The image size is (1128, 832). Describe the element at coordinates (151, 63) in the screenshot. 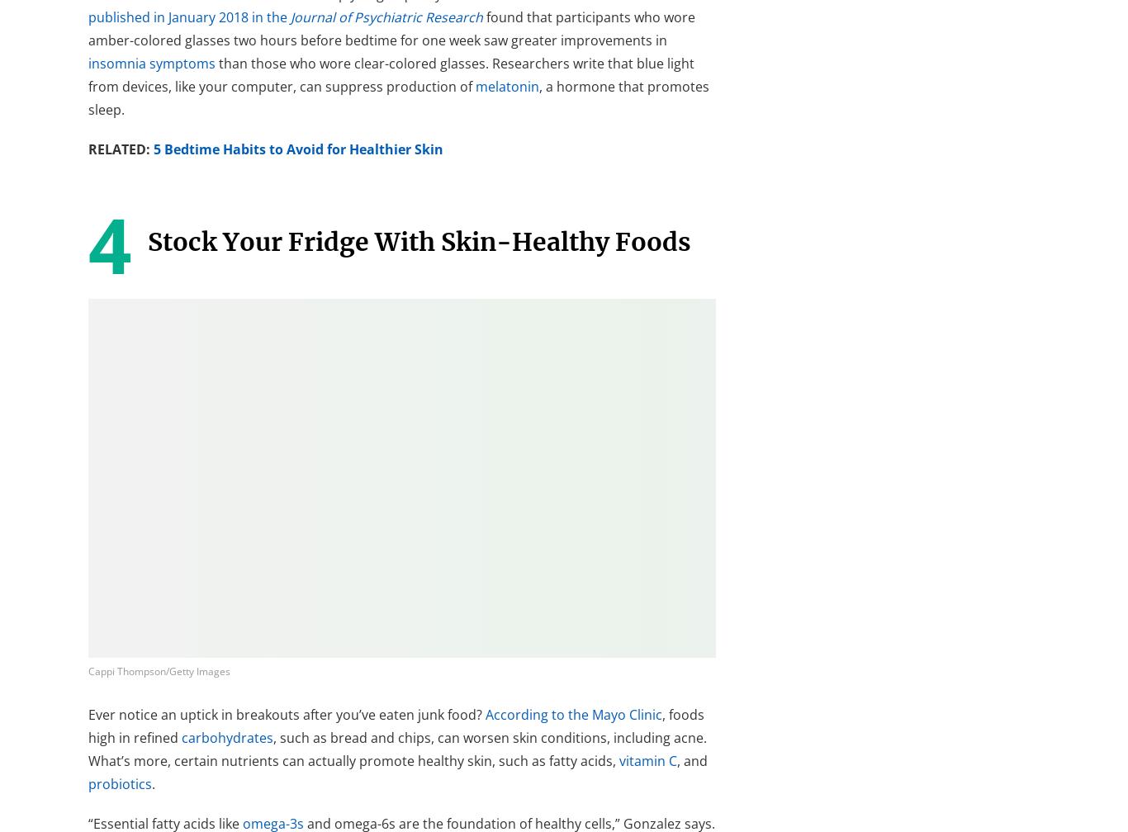

I see `'insomnia symptoms'` at that location.